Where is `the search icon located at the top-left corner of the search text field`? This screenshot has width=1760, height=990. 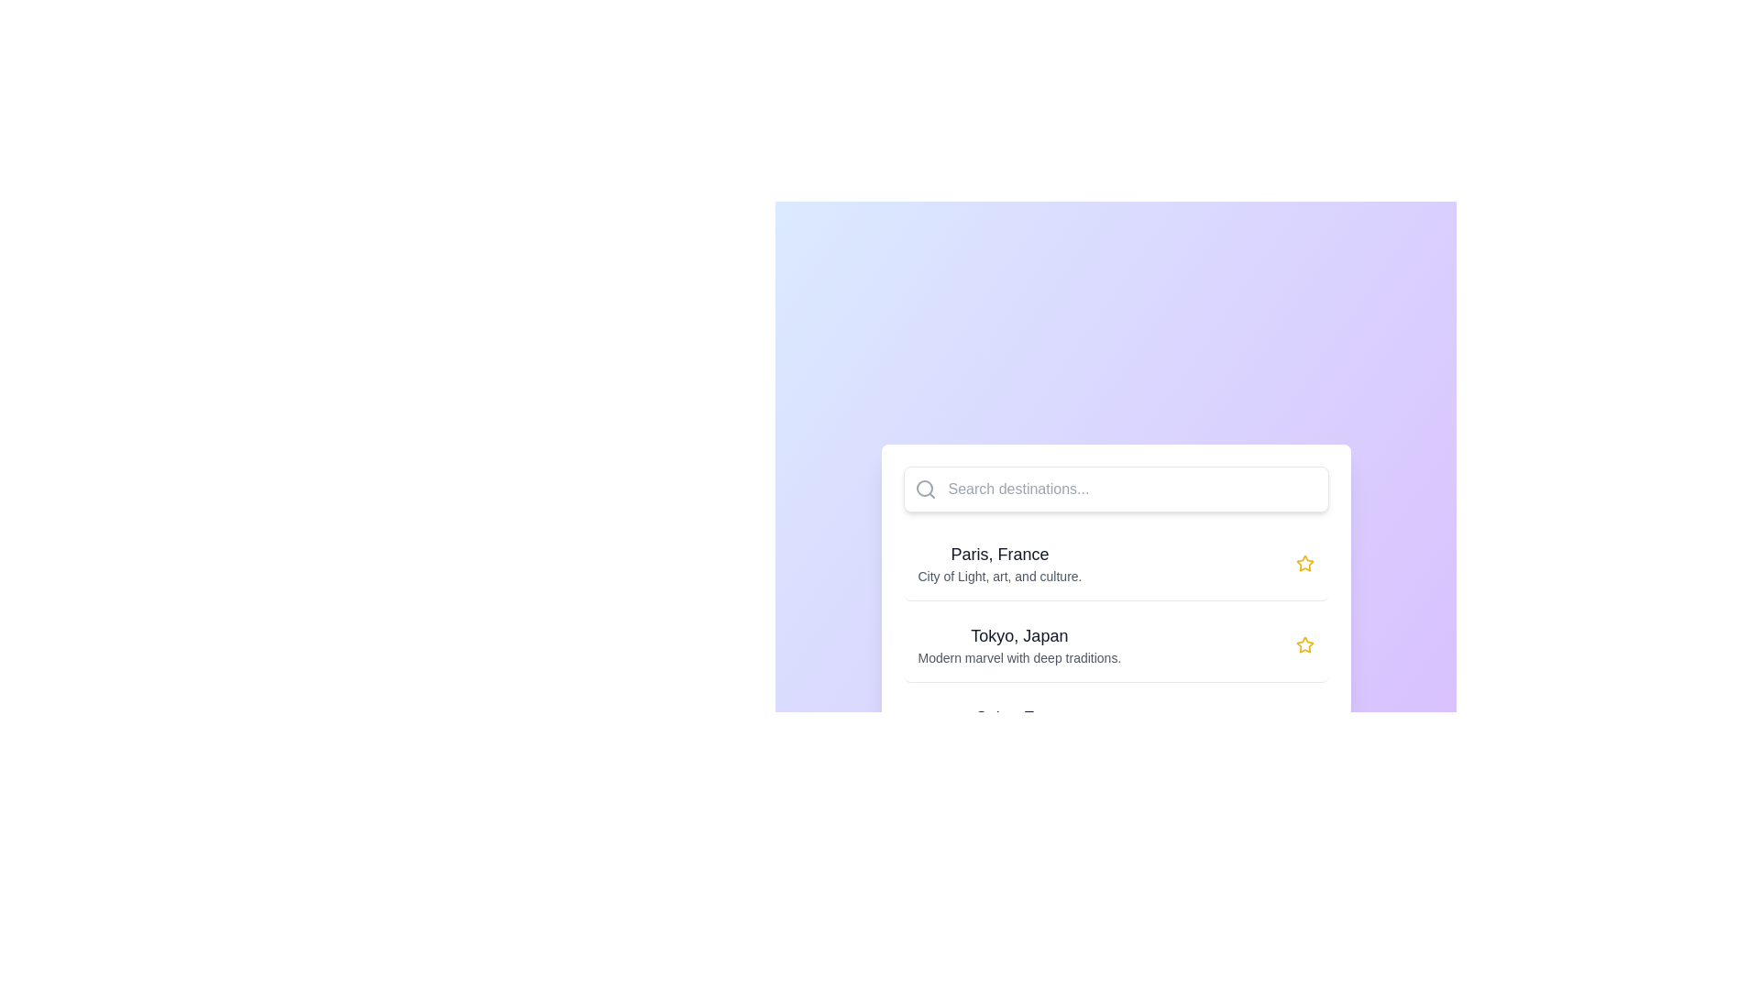 the search icon located at the top-left corner of the search text field is located at coordinates (925, 488).